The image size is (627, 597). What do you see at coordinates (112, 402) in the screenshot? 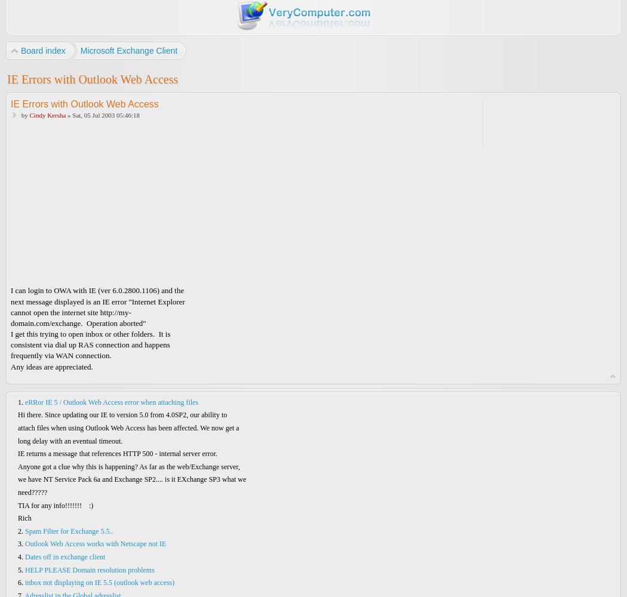
I see `'eRRor IE 5 / Outlook Web Access error when attaching files'` at bounding box center [112, 402].